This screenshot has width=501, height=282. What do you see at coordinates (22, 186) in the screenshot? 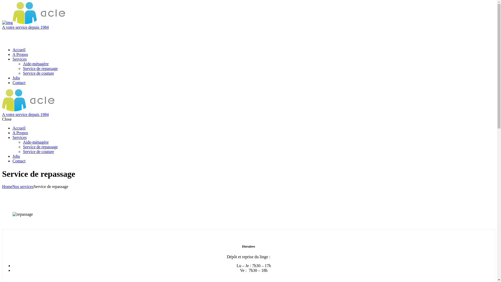
I see `'Nos services'` at bounding box center [22, 186].